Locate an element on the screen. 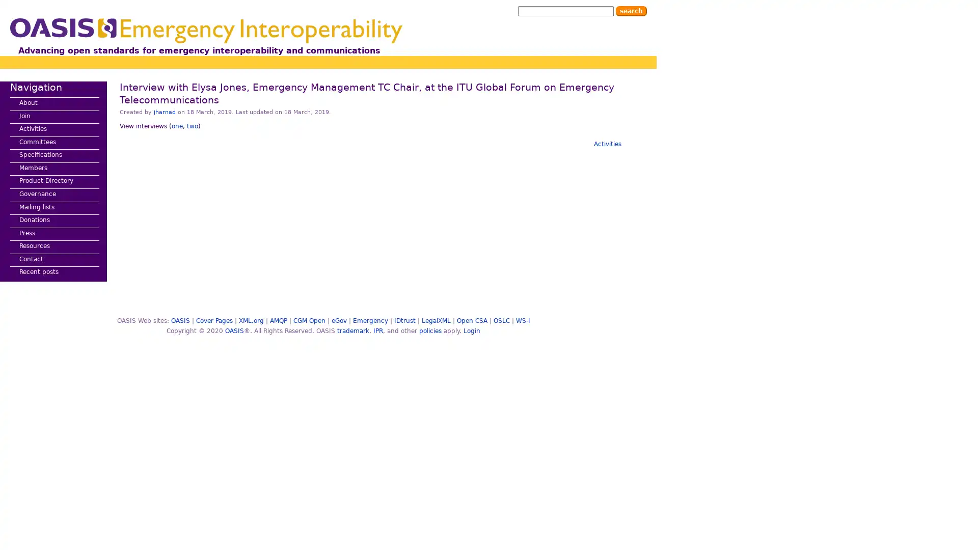 This screenshot has height=550, width=978. Search is located at coordinates (631, 11).